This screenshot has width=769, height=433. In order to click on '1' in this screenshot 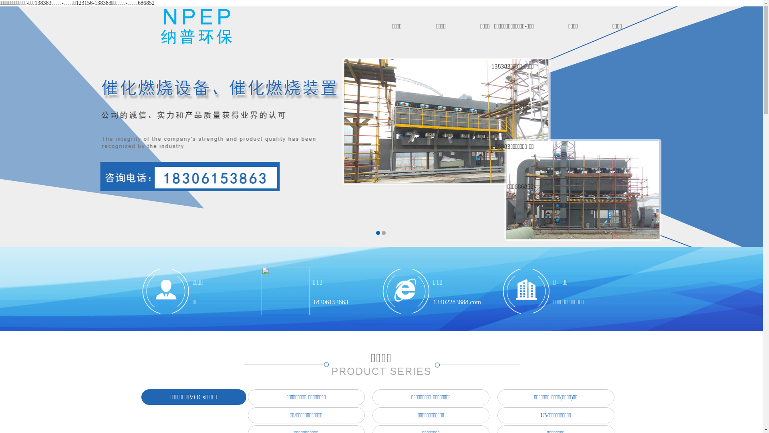, I will do `click(377, 233)`.